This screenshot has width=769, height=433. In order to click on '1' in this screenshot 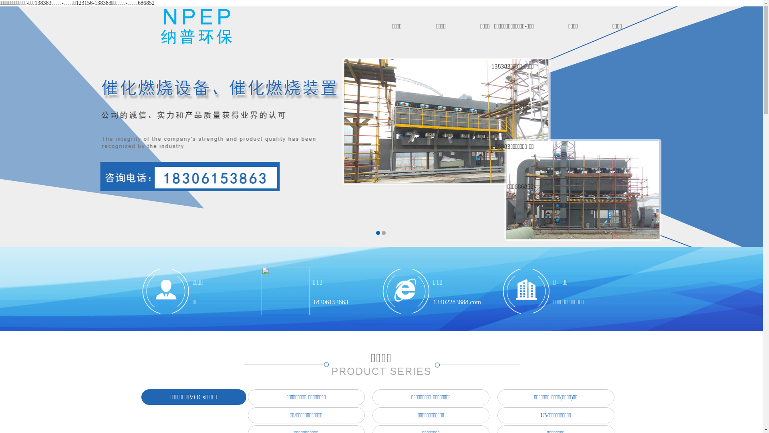, I will do `click(377, 233)`.